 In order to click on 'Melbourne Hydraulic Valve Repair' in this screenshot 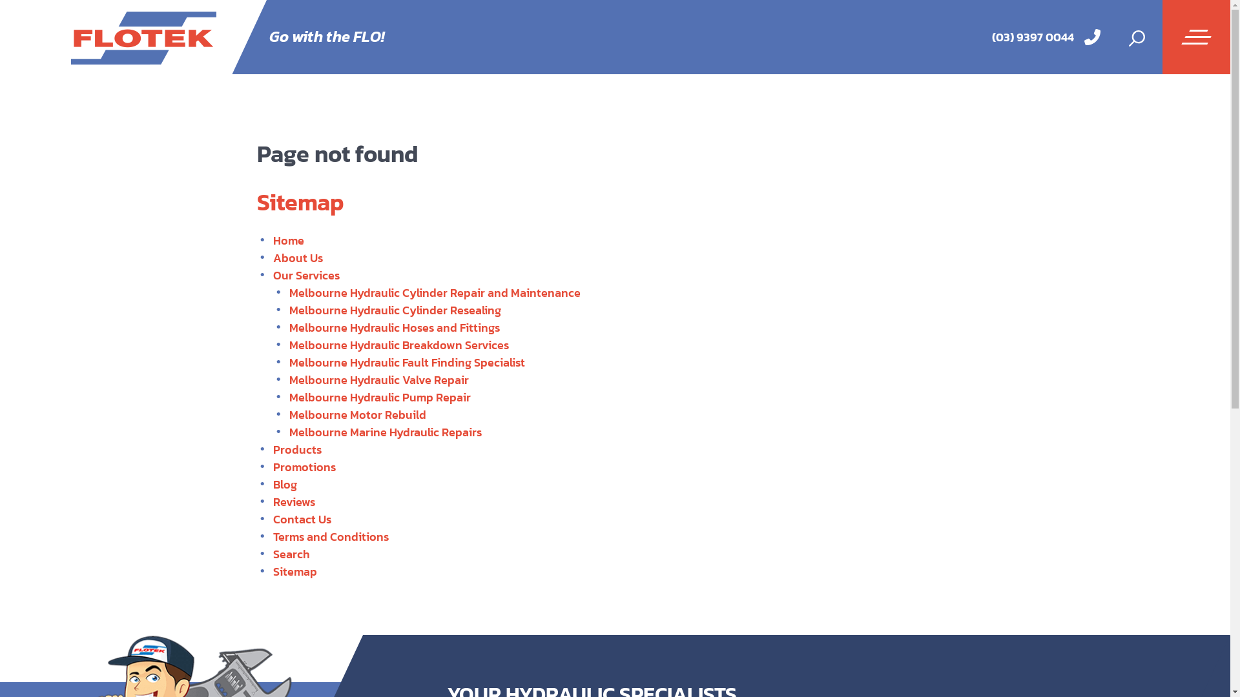, I will do `click(378, 379)`.